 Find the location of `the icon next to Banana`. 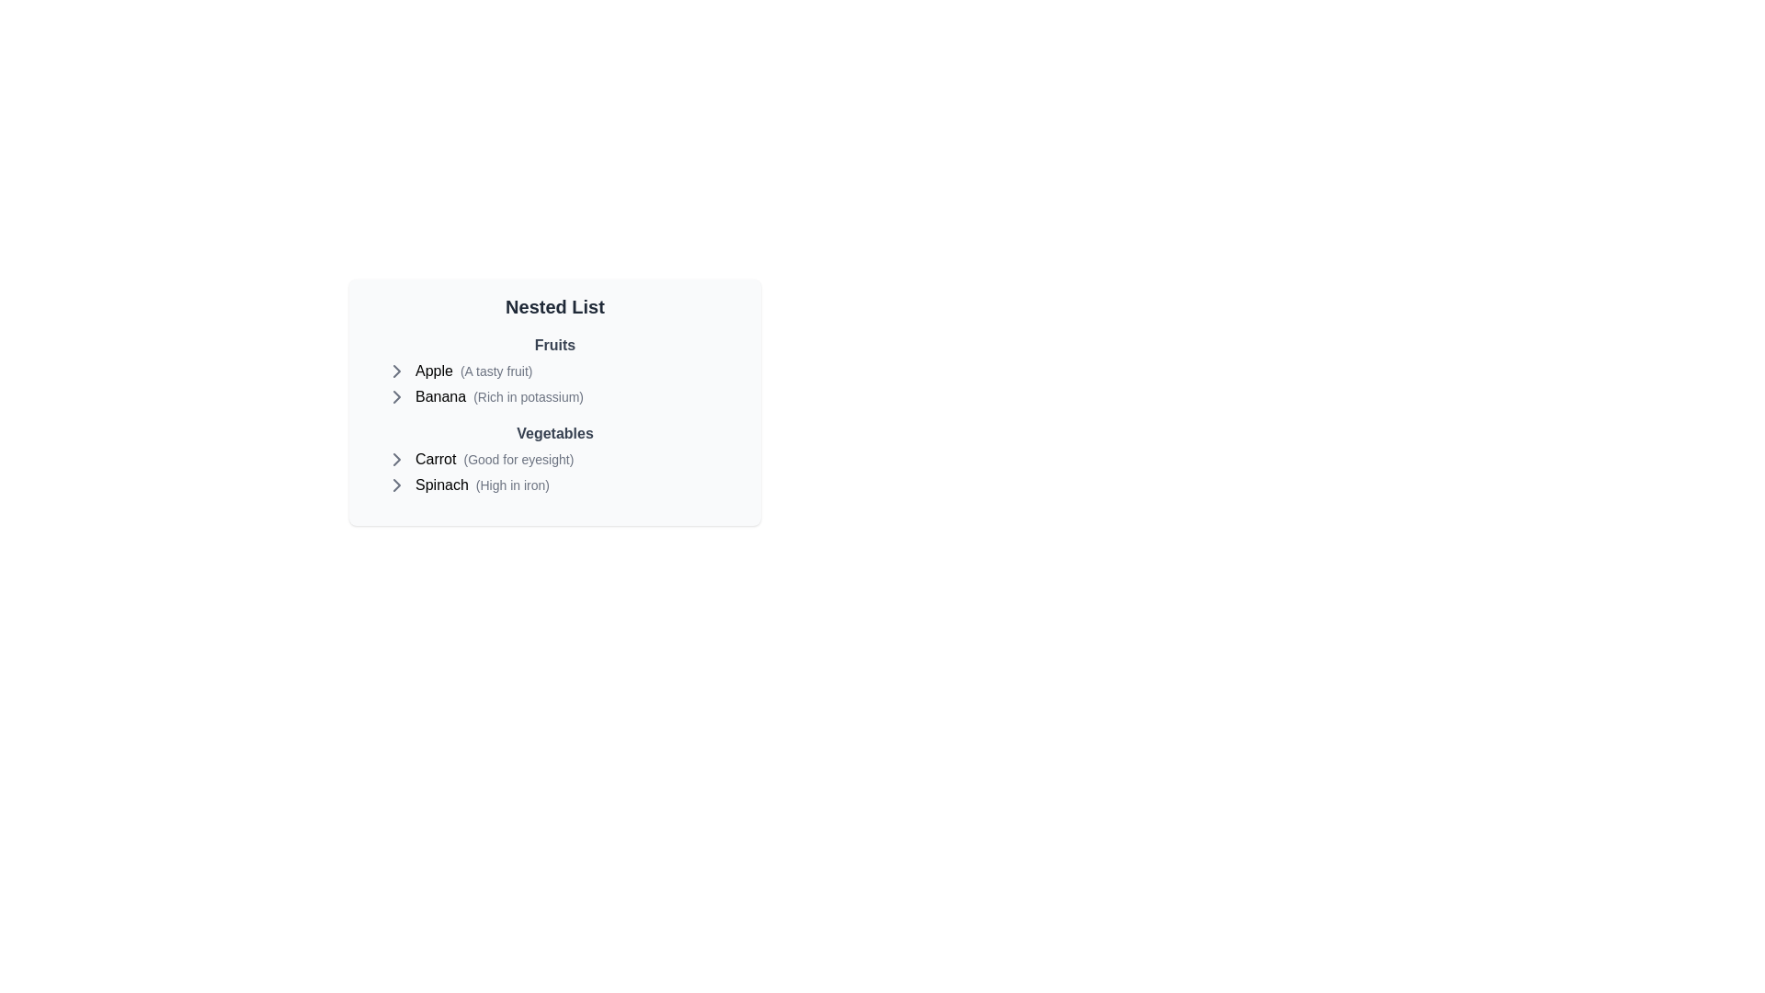

the icon next to Banana is located at coordinates (396, 396).